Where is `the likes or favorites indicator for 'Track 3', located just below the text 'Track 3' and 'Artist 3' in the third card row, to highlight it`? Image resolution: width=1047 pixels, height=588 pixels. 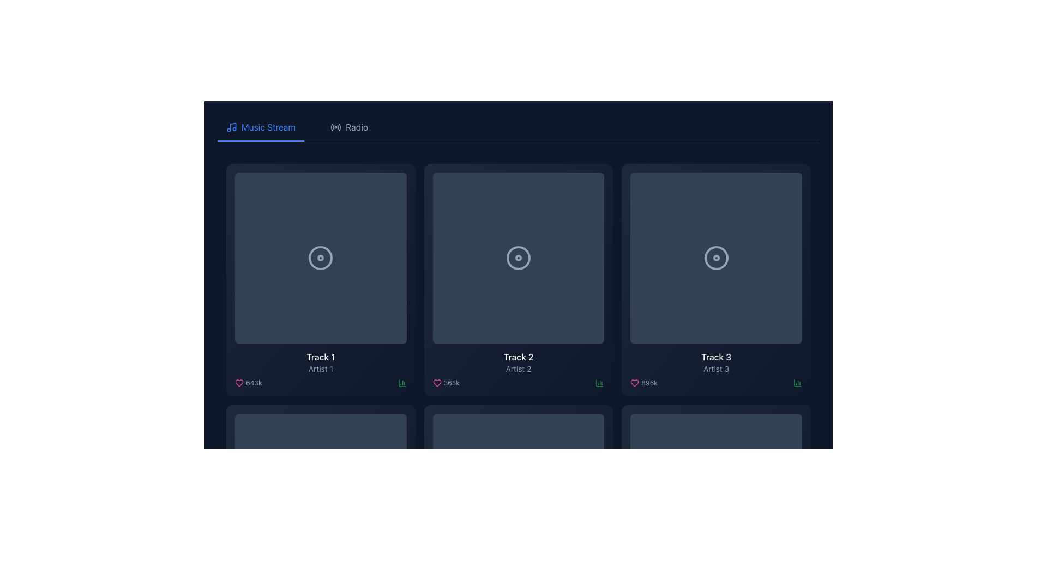
the likes or favorites indicator for 'Track 3', located just below the text 'Track 3' and 'Artist 3' in the third card row, to highlight it is located at coordinates (643, 382).